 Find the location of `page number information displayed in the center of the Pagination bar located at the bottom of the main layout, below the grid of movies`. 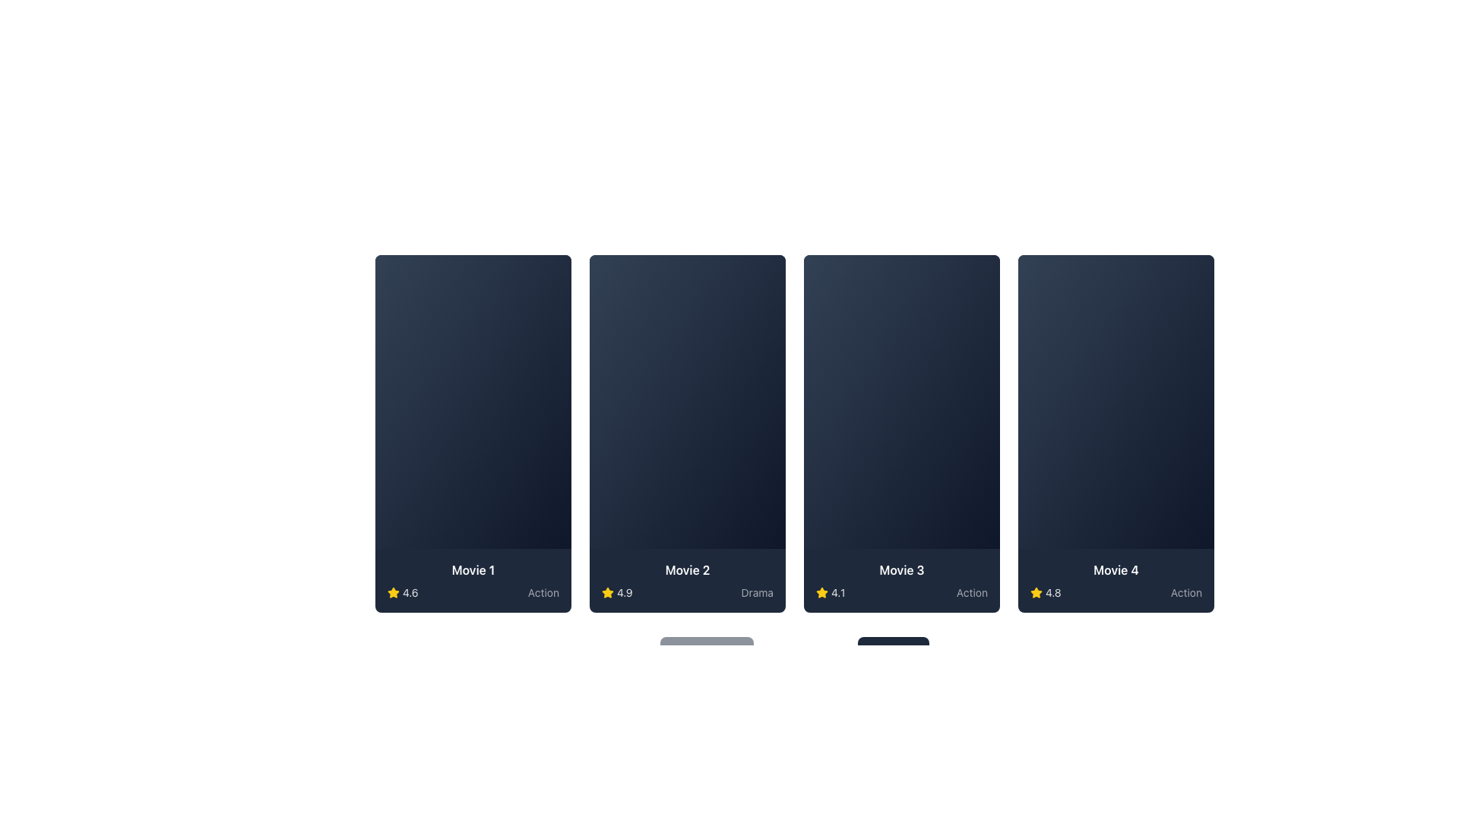

page number information displayed in the center of the Pagination bar located at the bottom of the main layout, below the grid of movies is located at coordinates (794, 651).